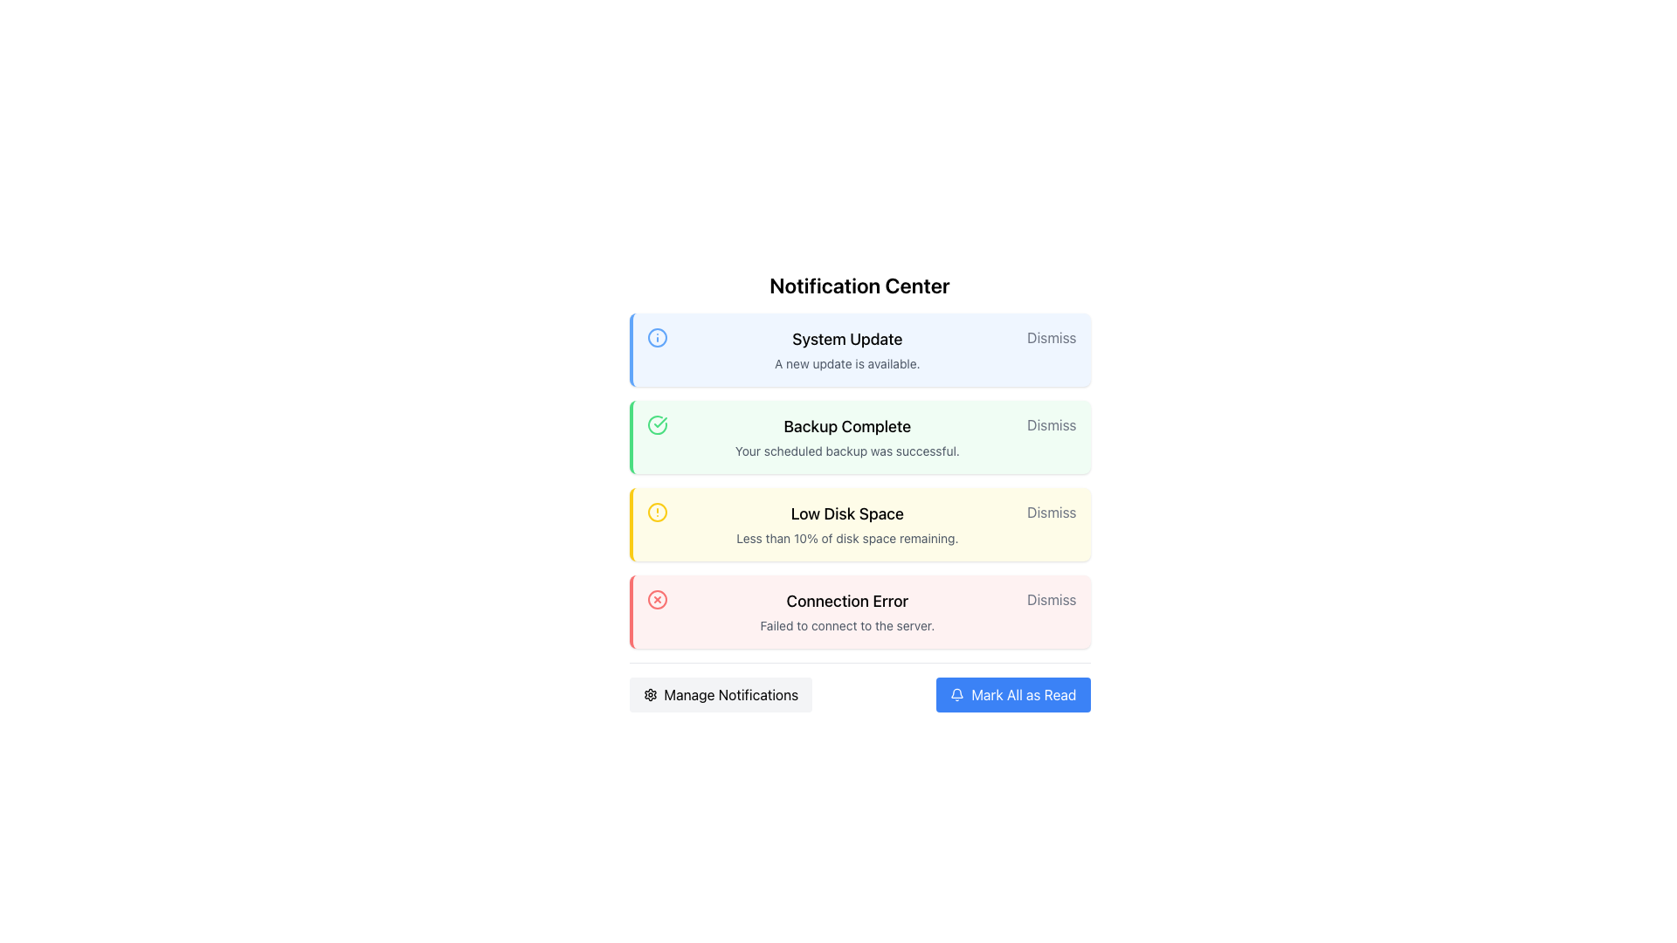  I want to click on the 'Dismiss' button in the bottom-right section of the 'Connection Error' notification card to trigger the hover effect, so click(1051, 598).